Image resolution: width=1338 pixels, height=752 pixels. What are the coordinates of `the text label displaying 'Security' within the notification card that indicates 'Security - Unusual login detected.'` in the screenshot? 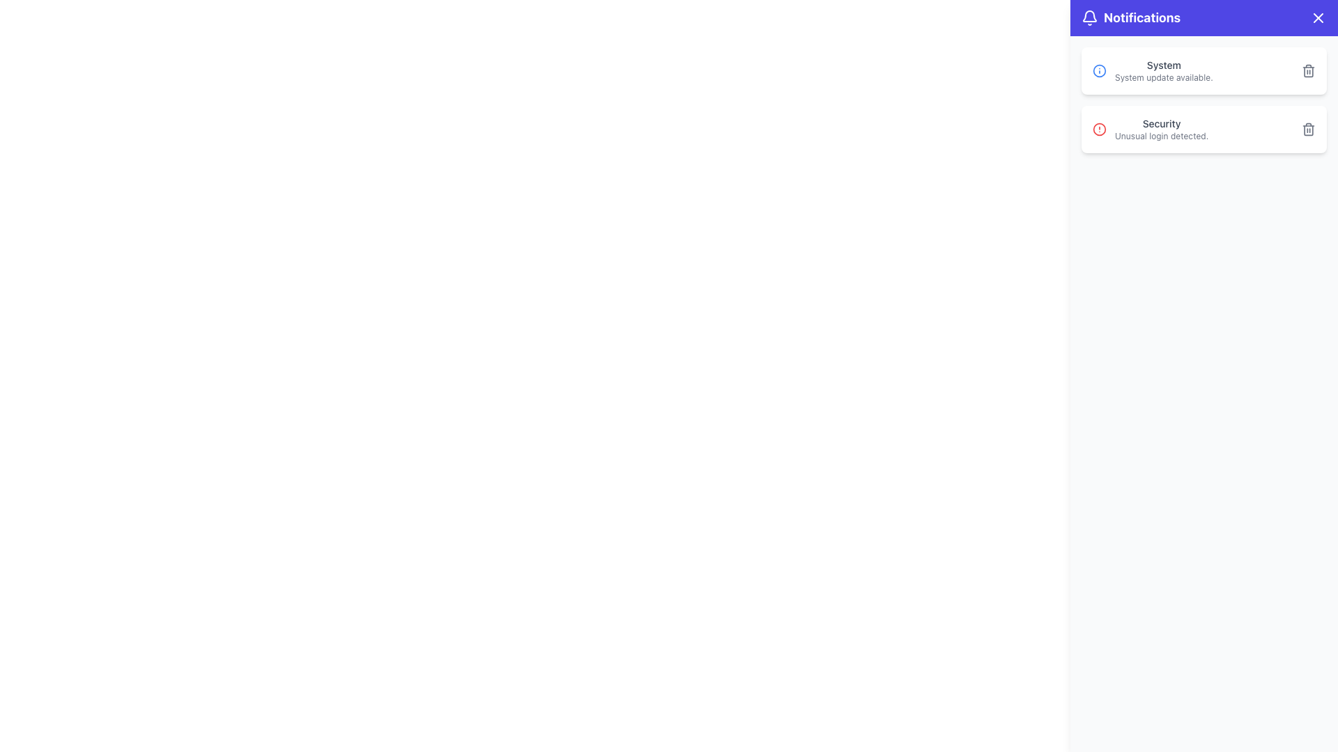 It's located at (1162, 123).